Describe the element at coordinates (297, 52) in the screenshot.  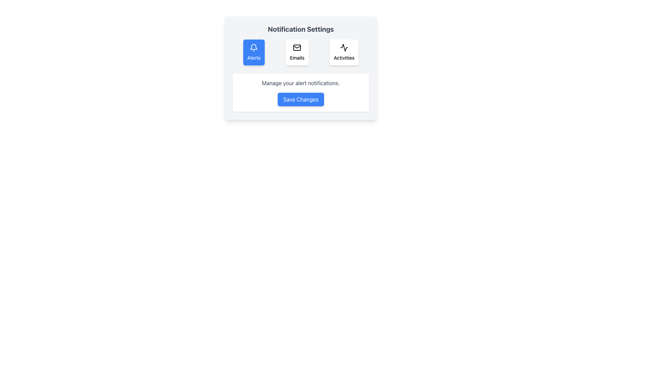
I see `the 'Emails' button with a white background and black envelope icon, located in the middle of three buttons in the 'Notification Settings' section` at that location.